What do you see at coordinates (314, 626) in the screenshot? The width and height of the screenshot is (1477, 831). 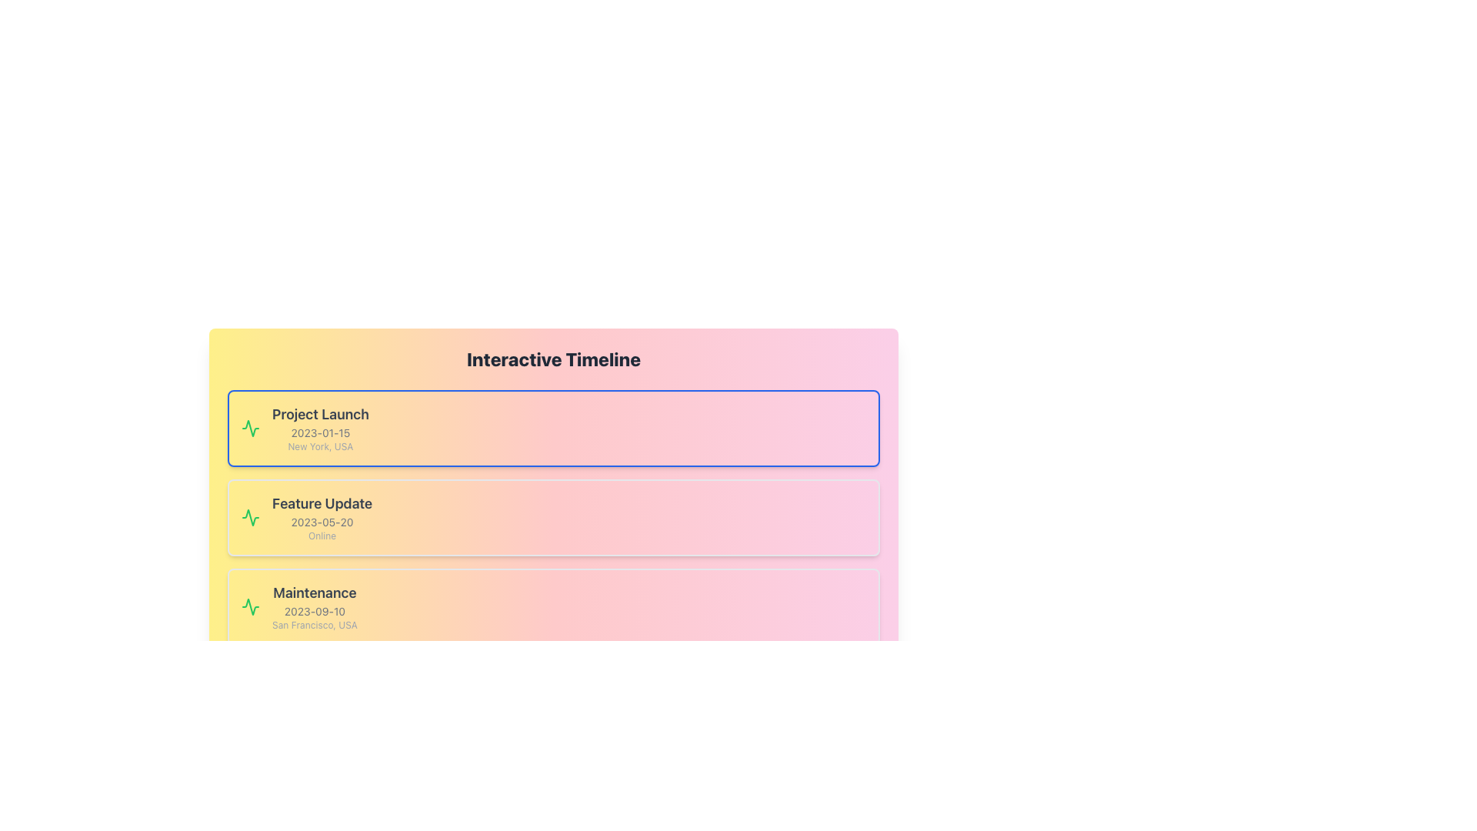 I see `the text label displaying the location associated with the 'Maintenance' event` at bounding box center [314, 626].